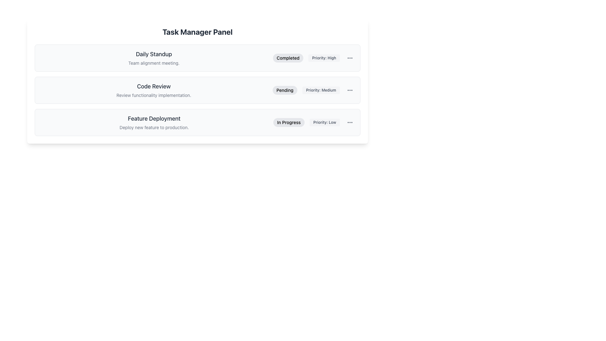 The width and height of the screenshot is (606, 341). Describe the element at coordinates (324, 123) in the screenshot. I see `the 'Priority: Low' label, which is a small rounded rectangle with a light gray background located in the third task row of the task list titled 'Feature Deployment'` at that location.